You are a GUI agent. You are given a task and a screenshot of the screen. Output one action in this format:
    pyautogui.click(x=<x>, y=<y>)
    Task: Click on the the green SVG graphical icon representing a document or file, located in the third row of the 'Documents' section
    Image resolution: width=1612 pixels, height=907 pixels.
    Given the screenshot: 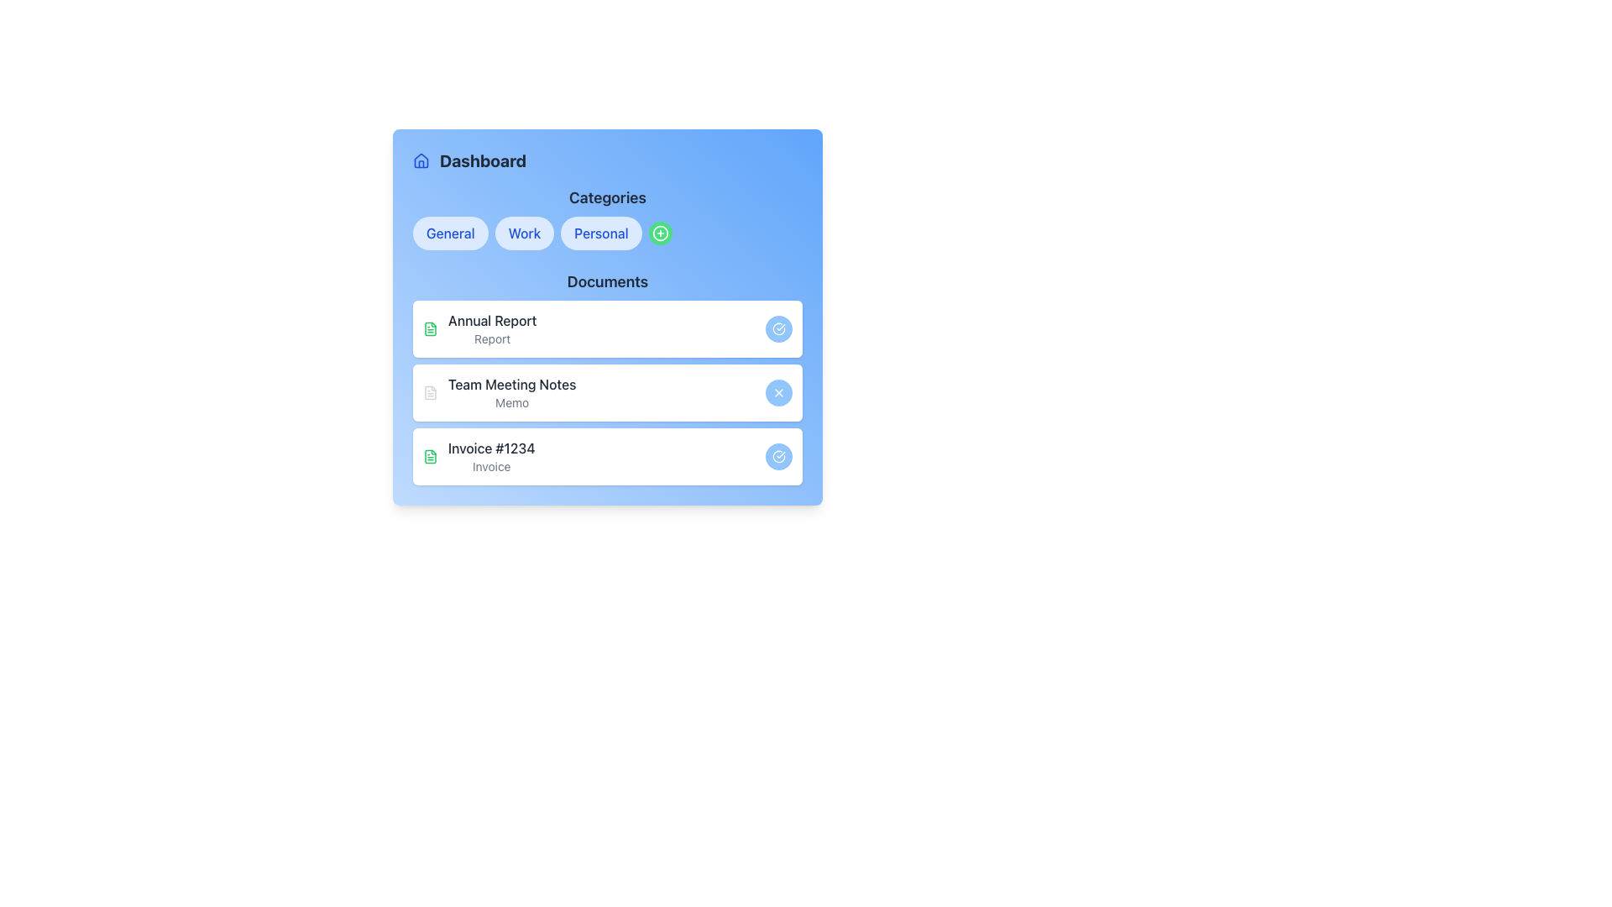 What is the action you would take?
    pyautogui.click(x=431, y=329)
    